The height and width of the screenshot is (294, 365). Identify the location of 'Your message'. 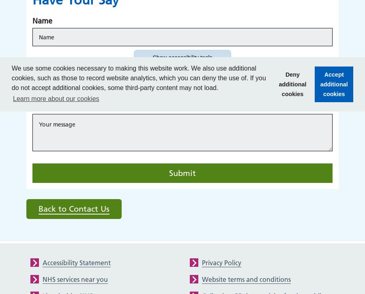
(56, 106).